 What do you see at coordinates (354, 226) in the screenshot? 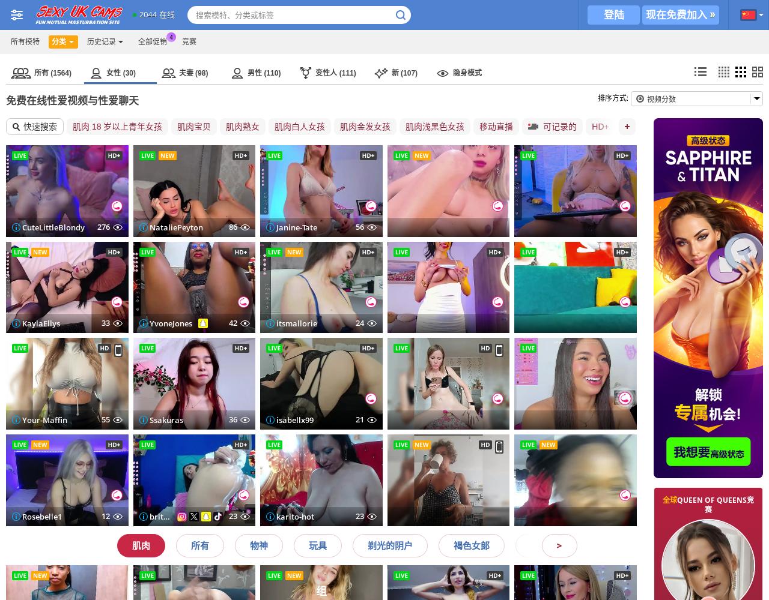
I see `'57'` at bounding box center [354, 226].